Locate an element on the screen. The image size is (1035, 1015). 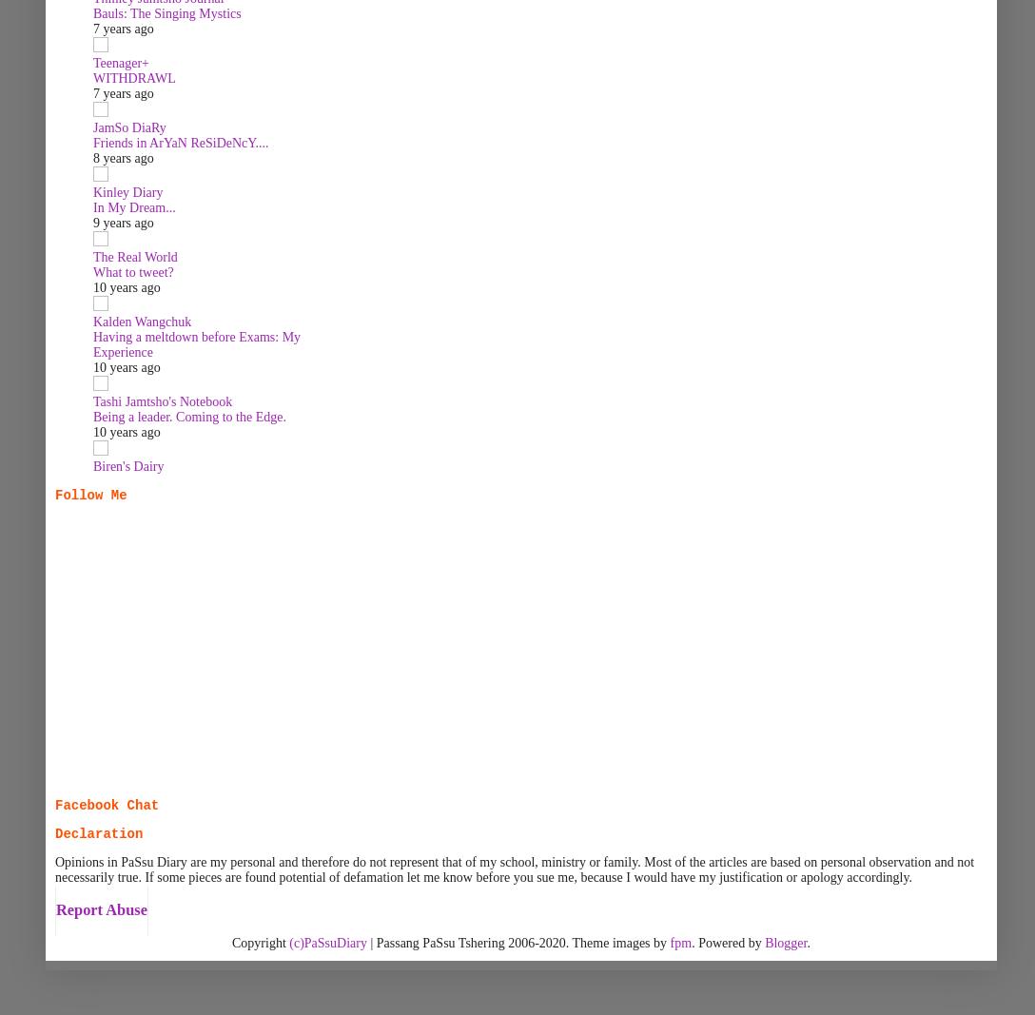
'Biren's Dairy' is located at coordinates (128, 465).